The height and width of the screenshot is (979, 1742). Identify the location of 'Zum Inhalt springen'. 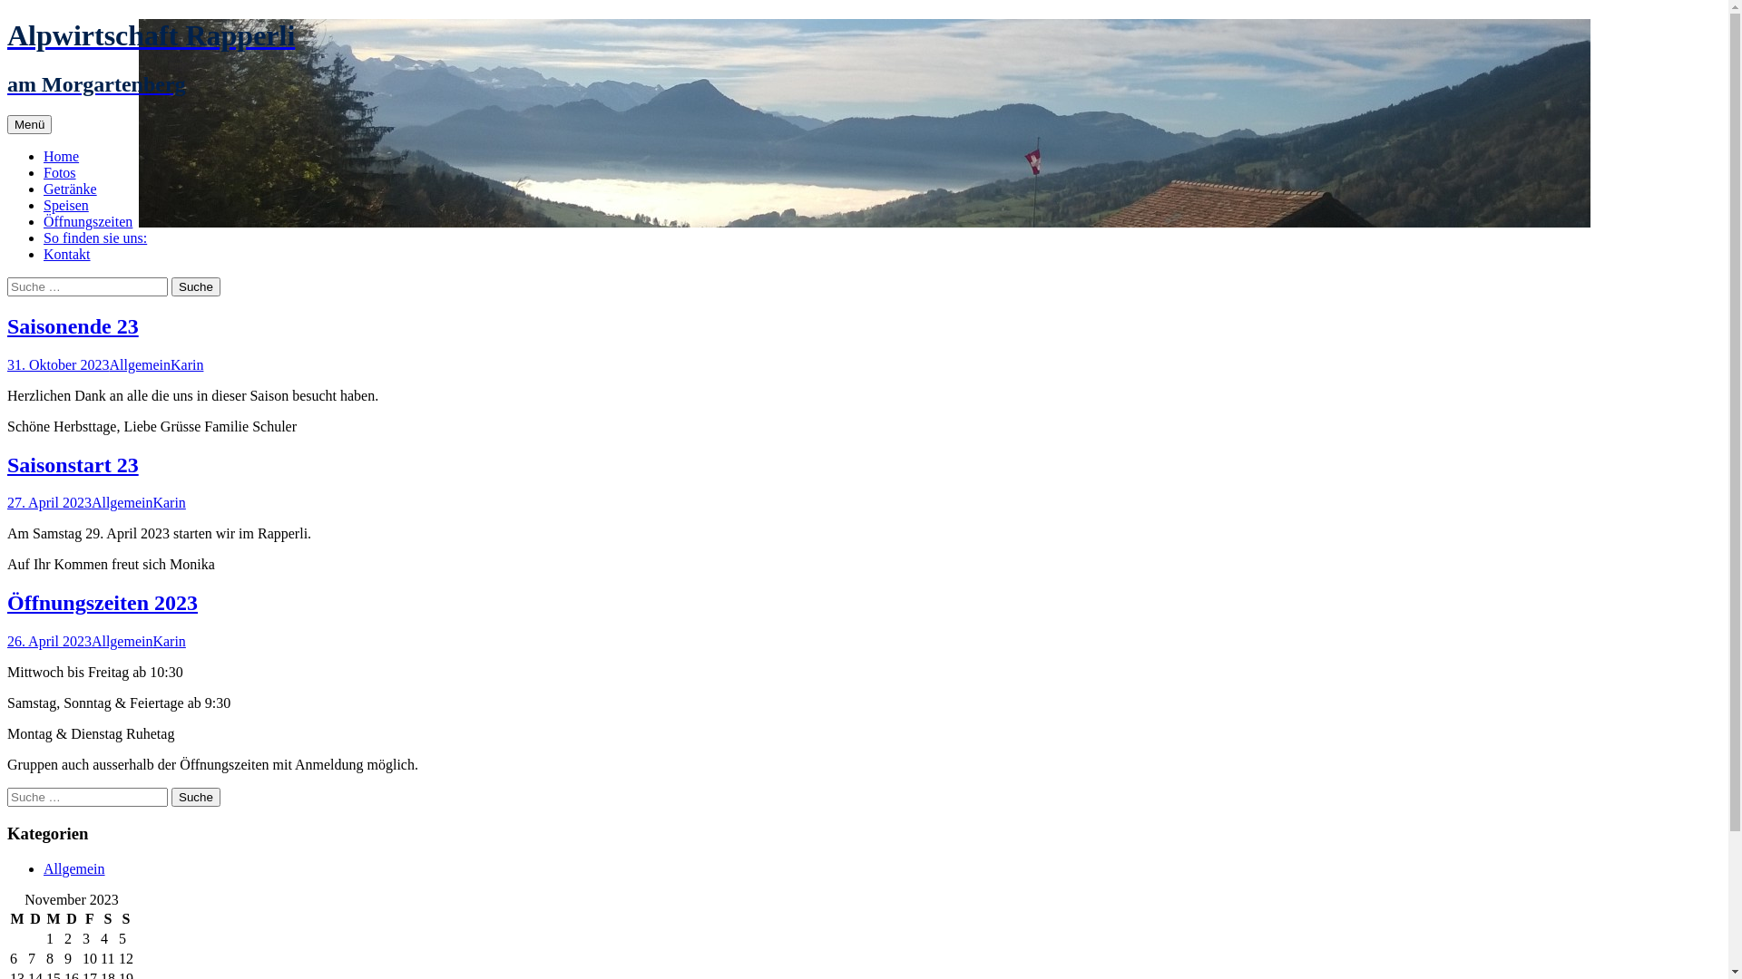
(51, 114).